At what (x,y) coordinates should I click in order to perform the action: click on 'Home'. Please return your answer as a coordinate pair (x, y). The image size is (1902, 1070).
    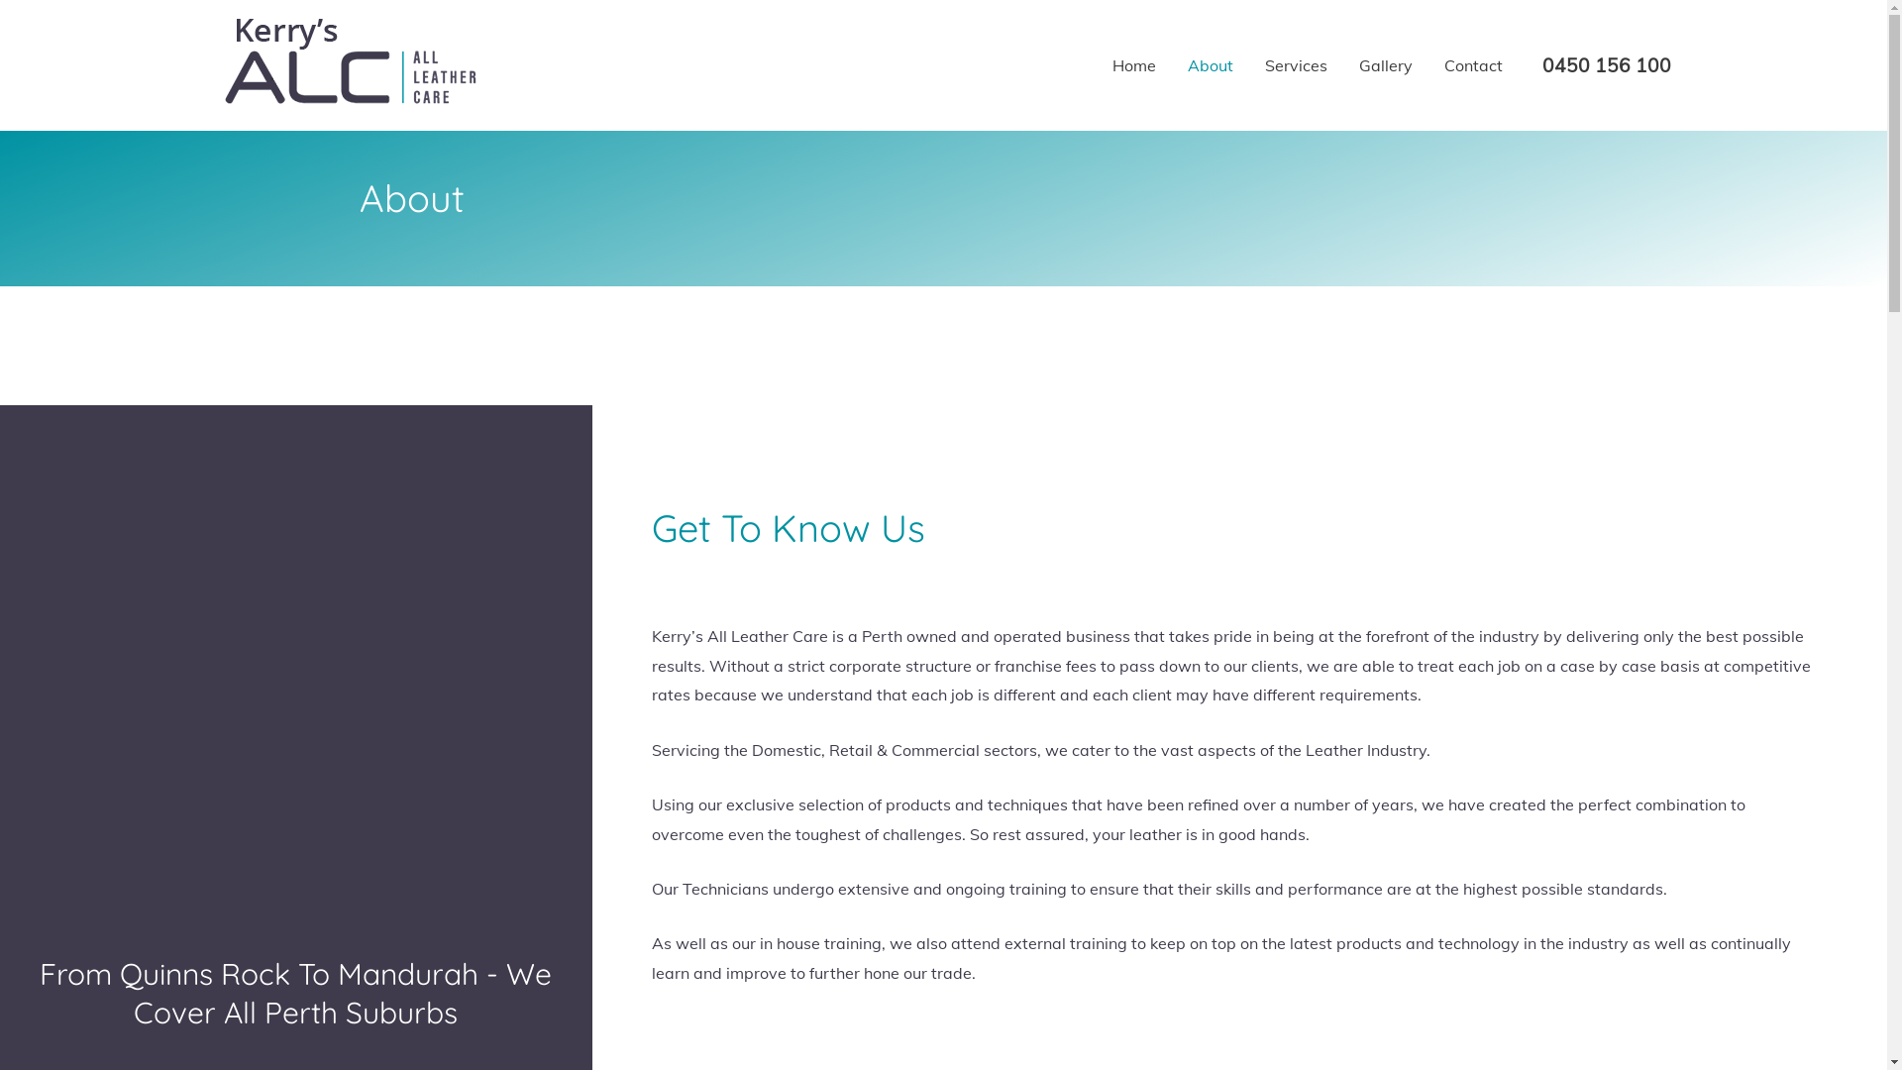
    Looking at the image, I should click on (1132, 63).